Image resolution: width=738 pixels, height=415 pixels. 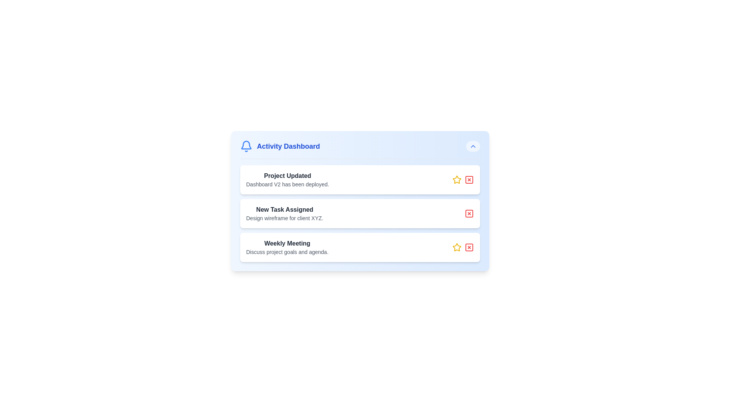 What do you see at coordinates (287, 247) in the screenshot?
I see `the static text block titled 'Weekly Meeting' which is the third card in the 'Activity Dashboard' panel, containing the description 'Discuss project goals and agenda.'` at bounding box center [287, 247].